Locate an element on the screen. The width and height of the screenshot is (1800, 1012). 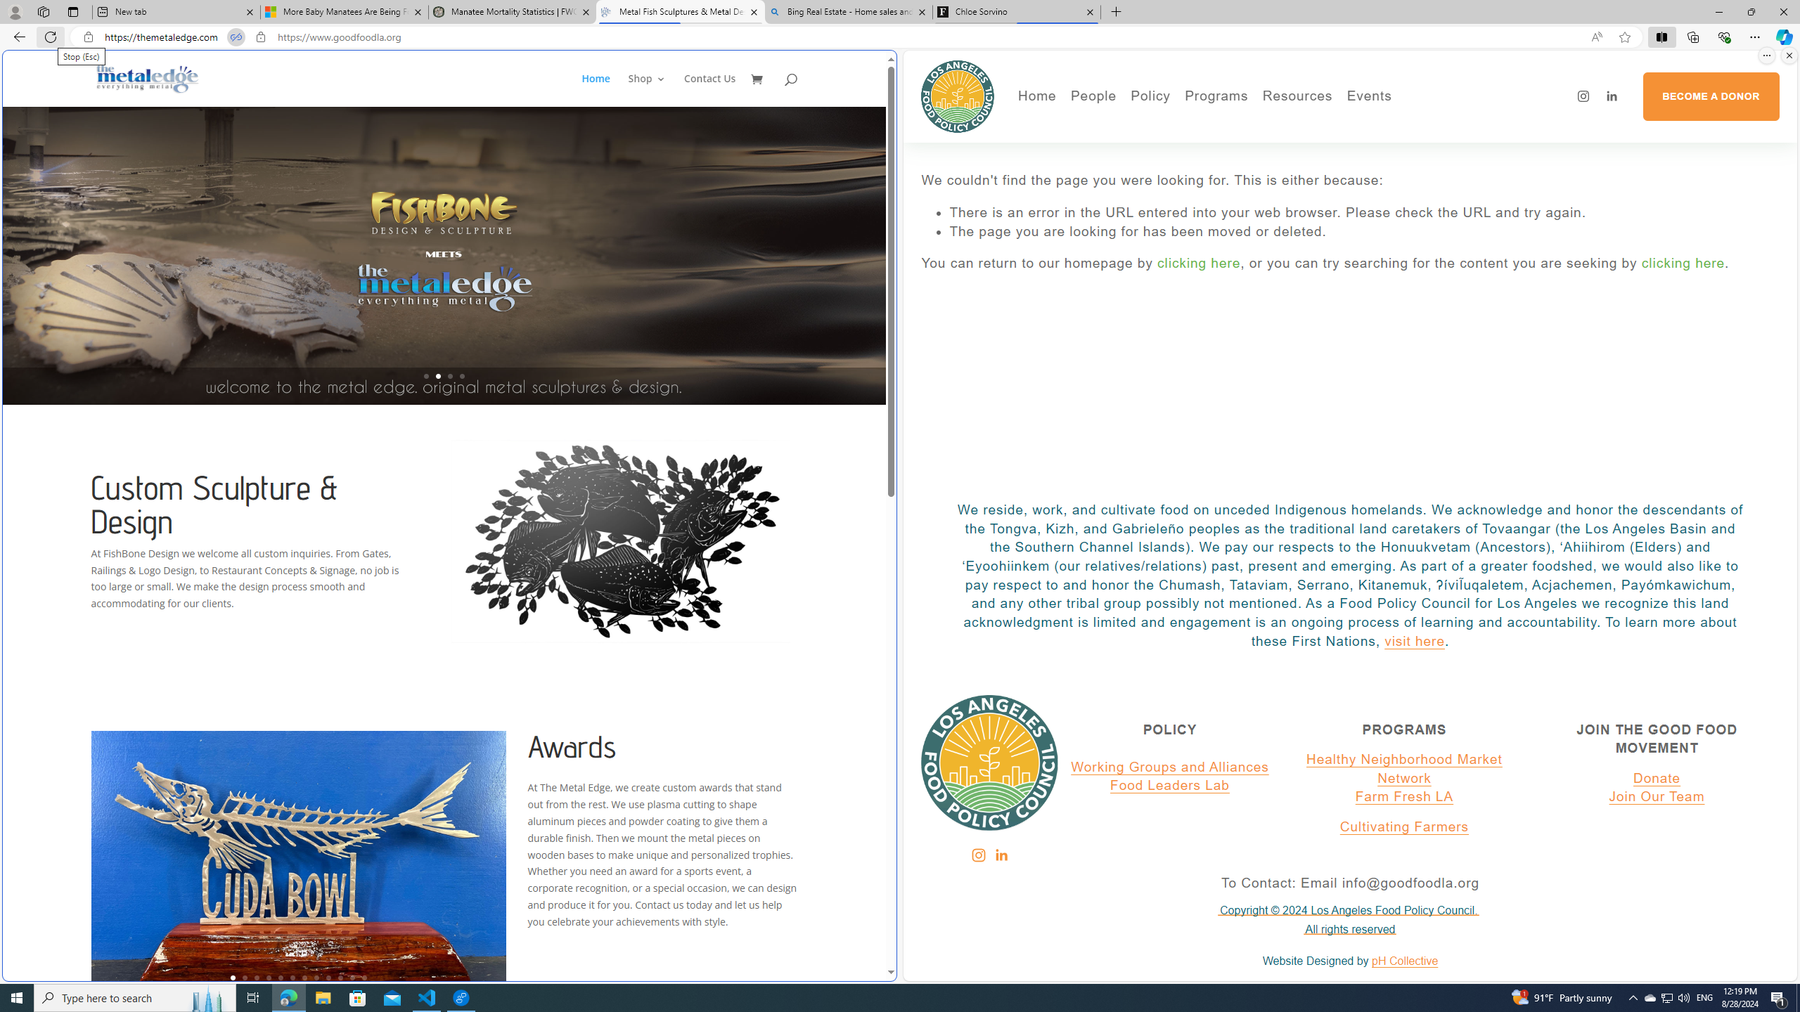
'5' is located at coordinates (281, 977).